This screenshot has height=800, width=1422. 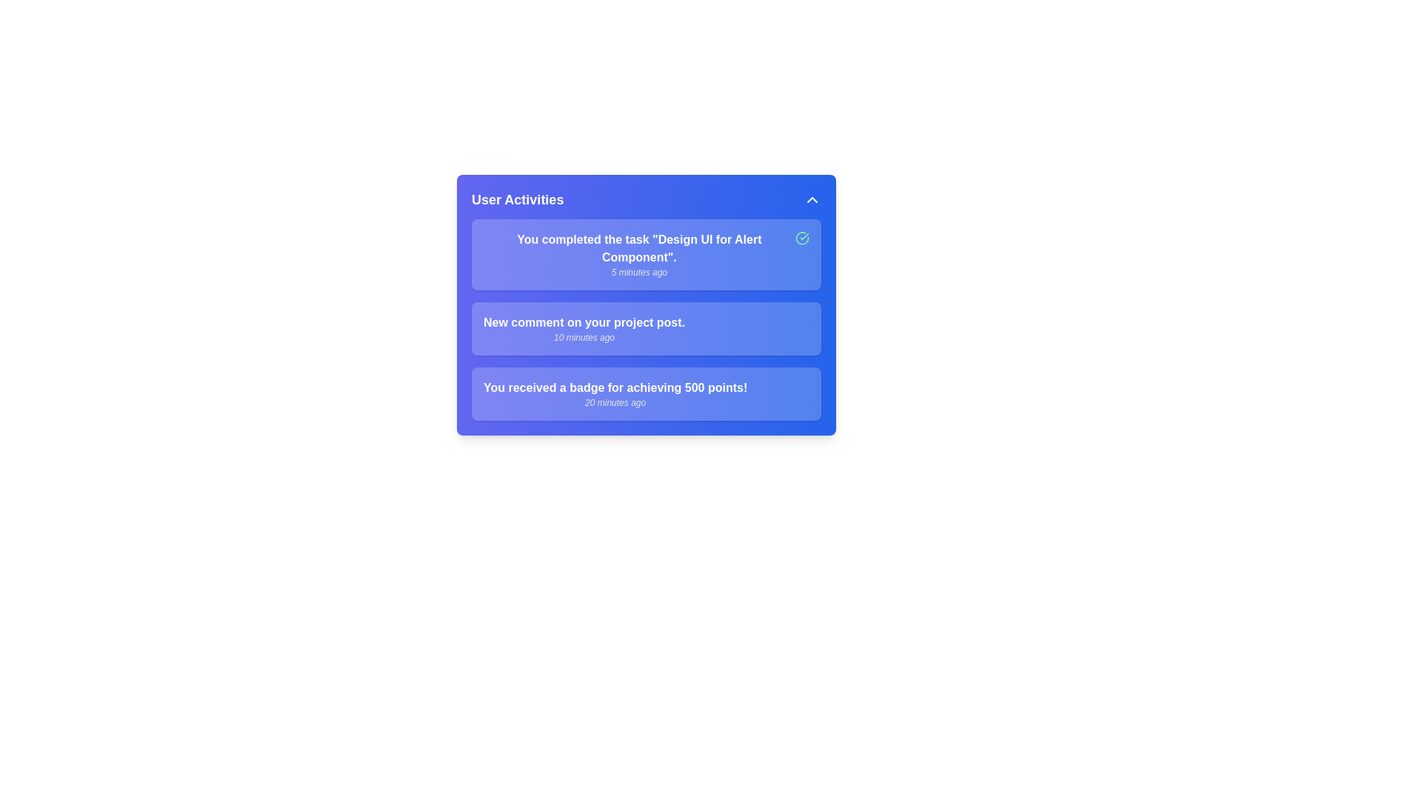 I want to click on notification text block that displays 'You completed the task "Design UI for Alert Component."' and '5 minutes ago,' located in the 'User Activities' panel at the top of the notification list, so click(x=639, y=253).